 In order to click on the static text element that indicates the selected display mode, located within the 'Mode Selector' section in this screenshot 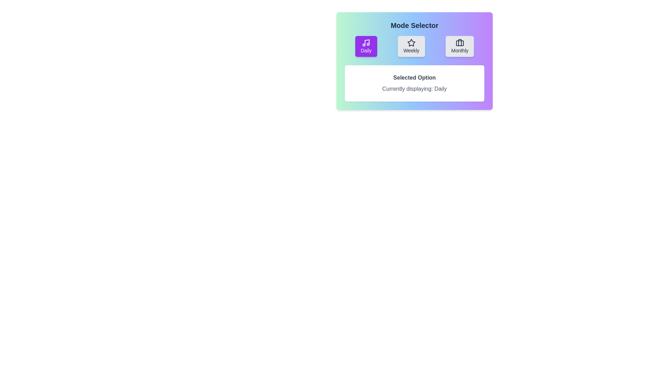, I will do `click(415, 88)`.